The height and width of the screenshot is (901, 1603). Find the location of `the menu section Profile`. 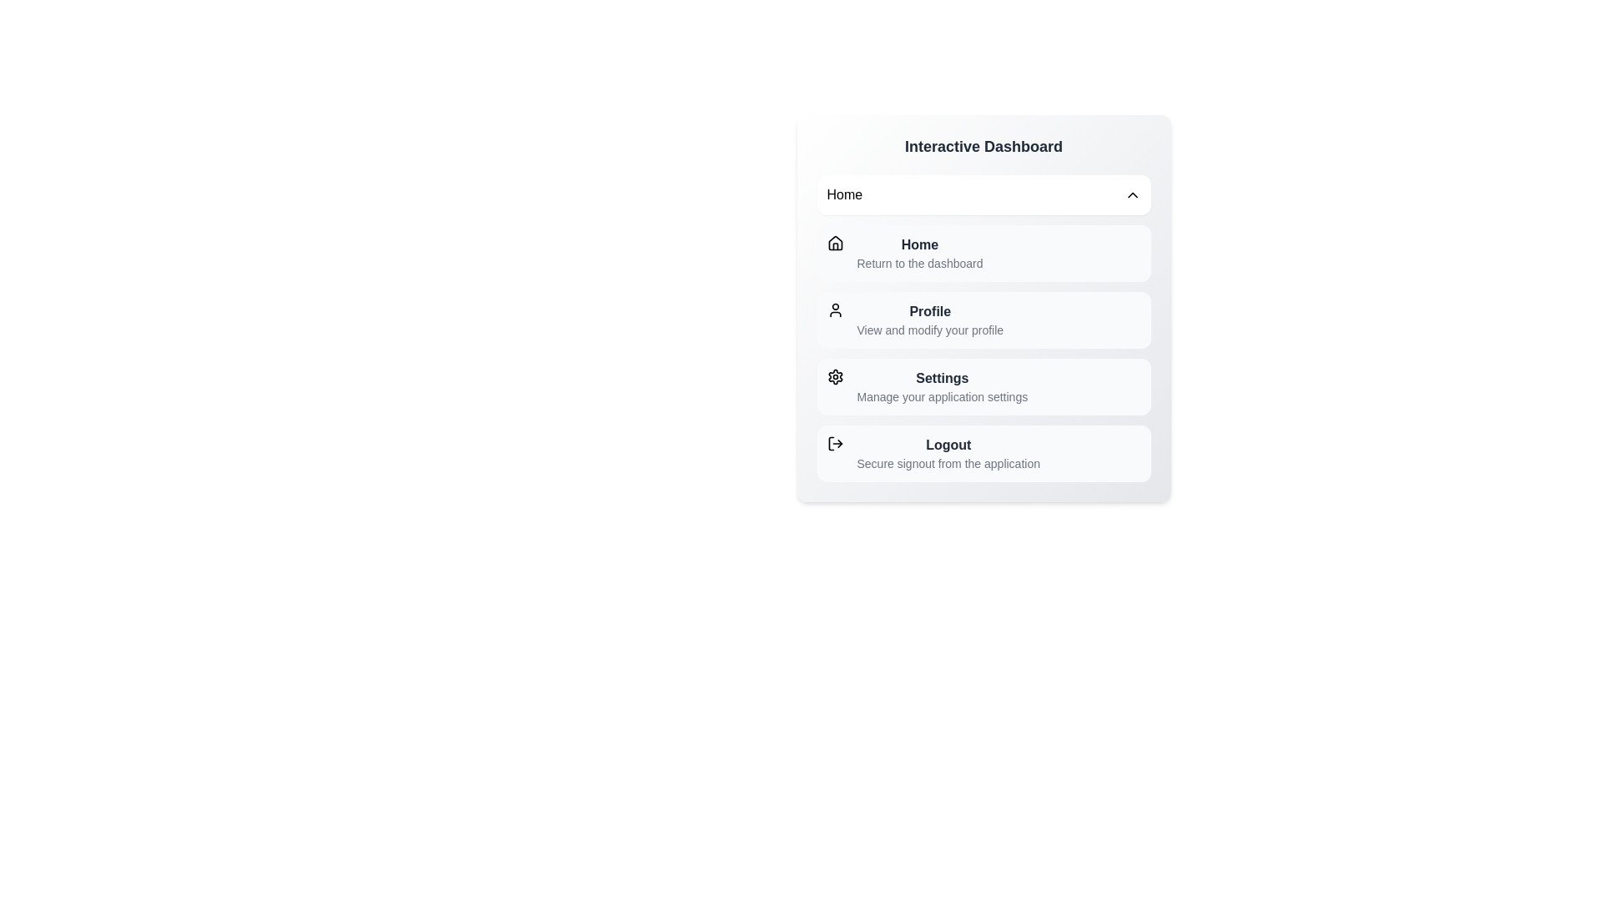

the menu section Profile is located at coordinates (984, 320).